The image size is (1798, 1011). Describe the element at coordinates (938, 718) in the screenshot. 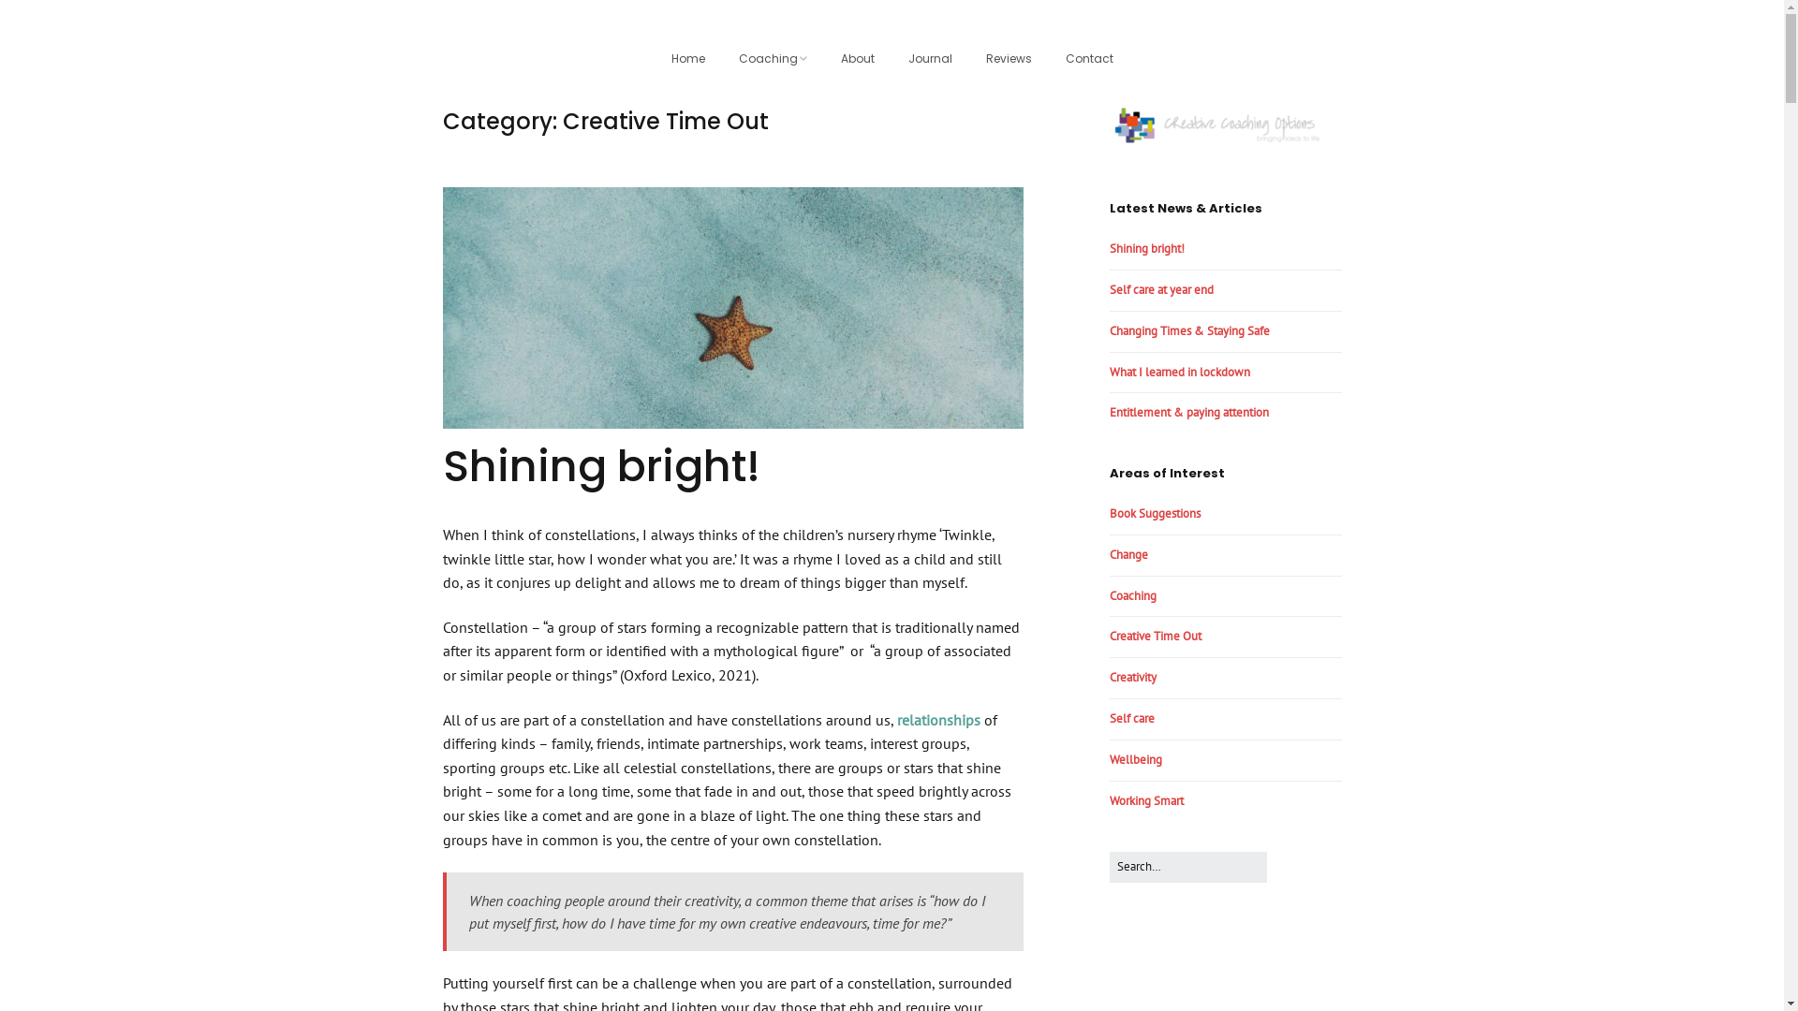

I see `'relationships'` at that location.